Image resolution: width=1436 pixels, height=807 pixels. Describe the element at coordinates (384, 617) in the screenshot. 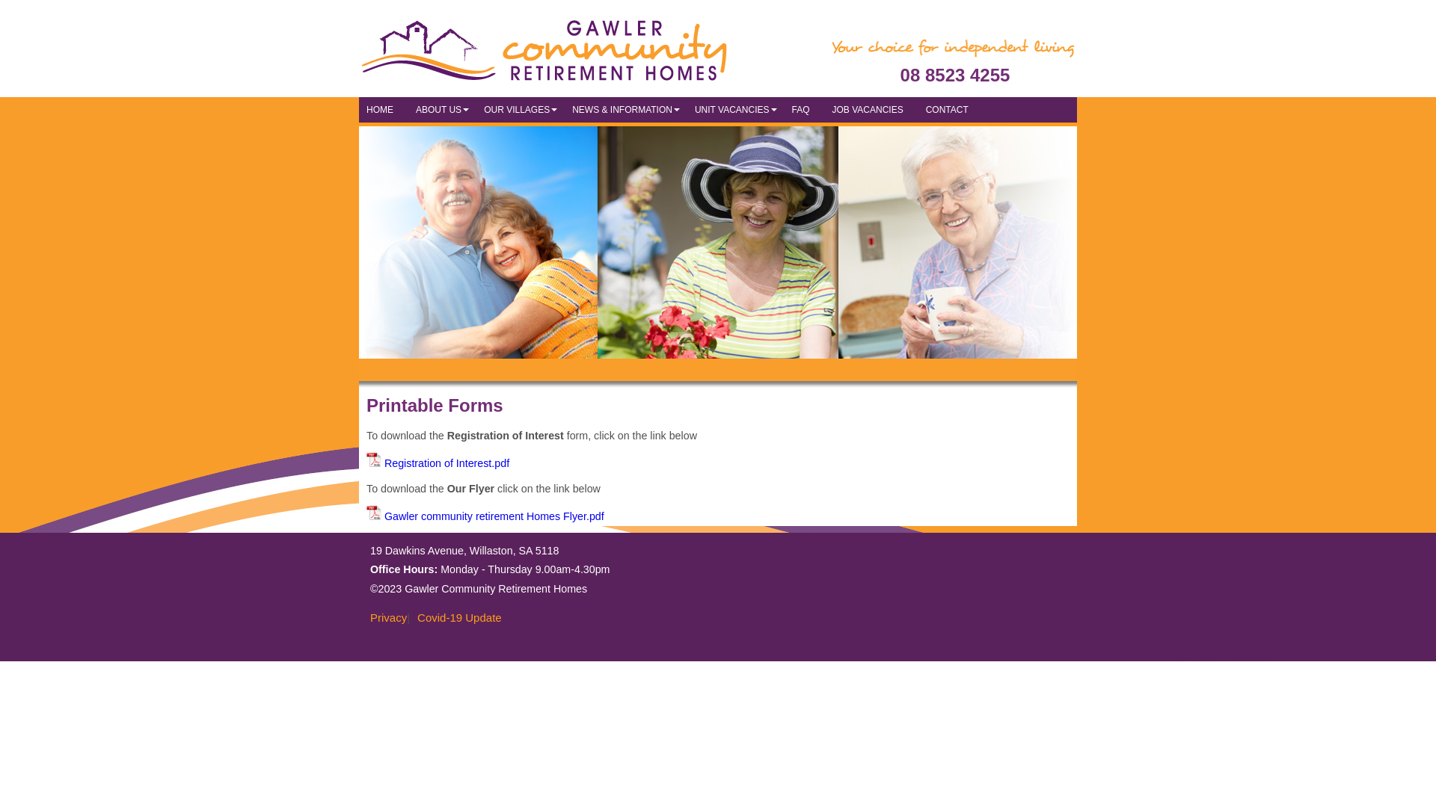

I see `'Privacy'` at that location.